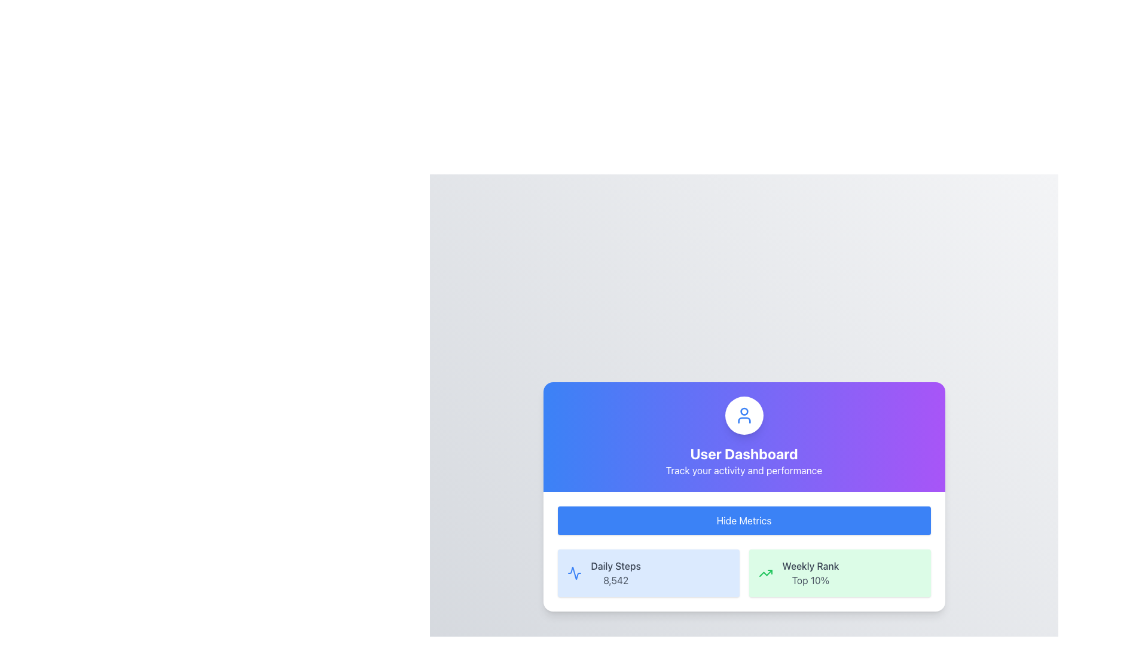  I want to click on displayed value of the numeric display for the daily step count, located below the 'Daily Steps' label on the blue card in the bottom-left section of the dashboard interface, so click(616, 580).